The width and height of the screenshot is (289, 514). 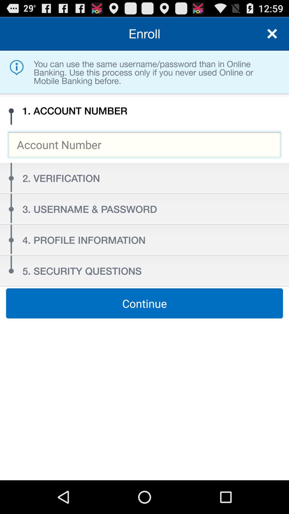 I want to click on close, so click(x=272, y=33).